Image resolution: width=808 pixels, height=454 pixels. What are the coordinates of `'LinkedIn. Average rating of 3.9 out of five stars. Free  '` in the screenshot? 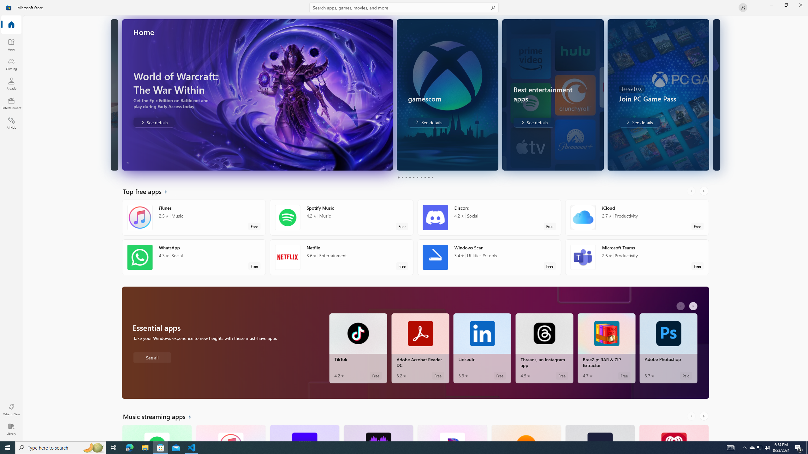 It's located at (482, 348).